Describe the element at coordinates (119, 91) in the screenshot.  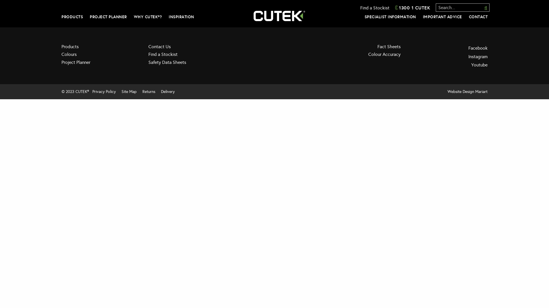
I see `'Site Map'` at that location.